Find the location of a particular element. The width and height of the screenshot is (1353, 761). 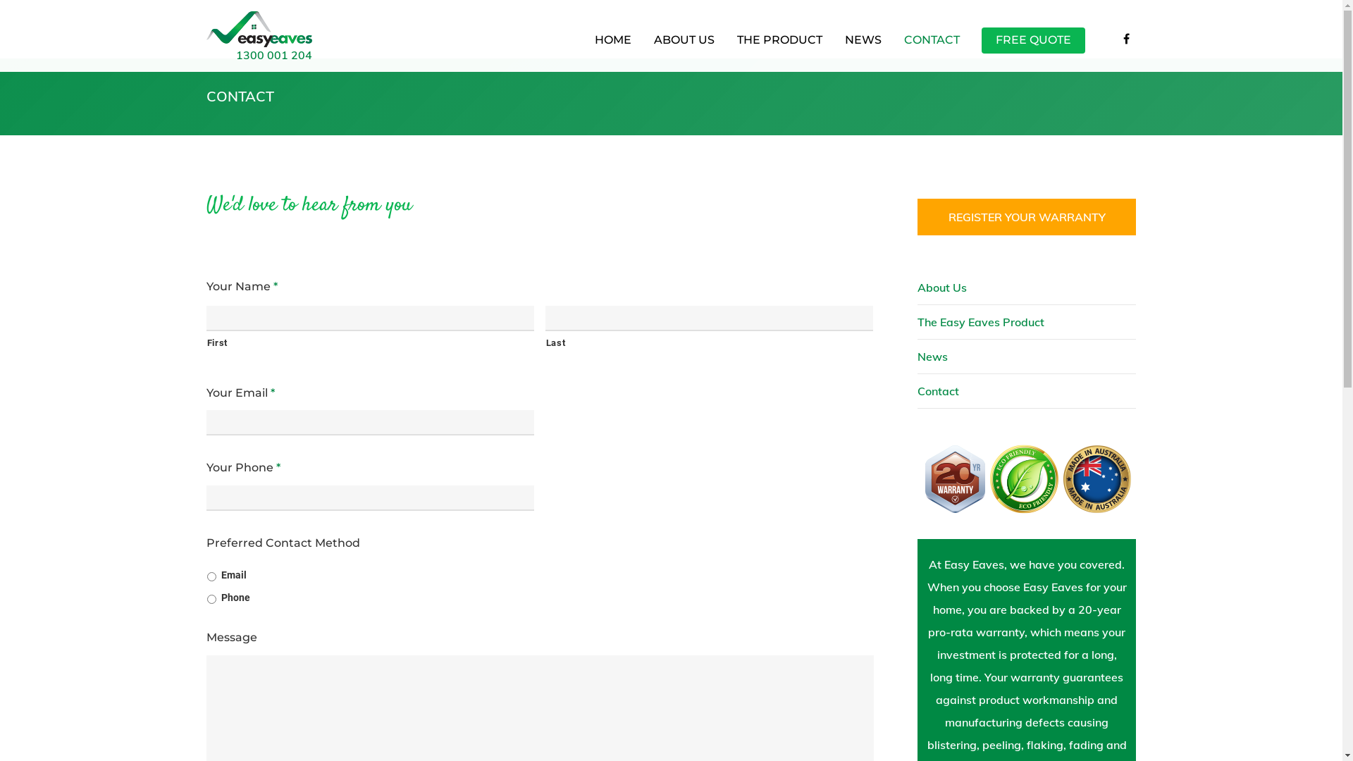

'REGISTER YOUR WARRANTY' is located at coordinates (1027, 217).